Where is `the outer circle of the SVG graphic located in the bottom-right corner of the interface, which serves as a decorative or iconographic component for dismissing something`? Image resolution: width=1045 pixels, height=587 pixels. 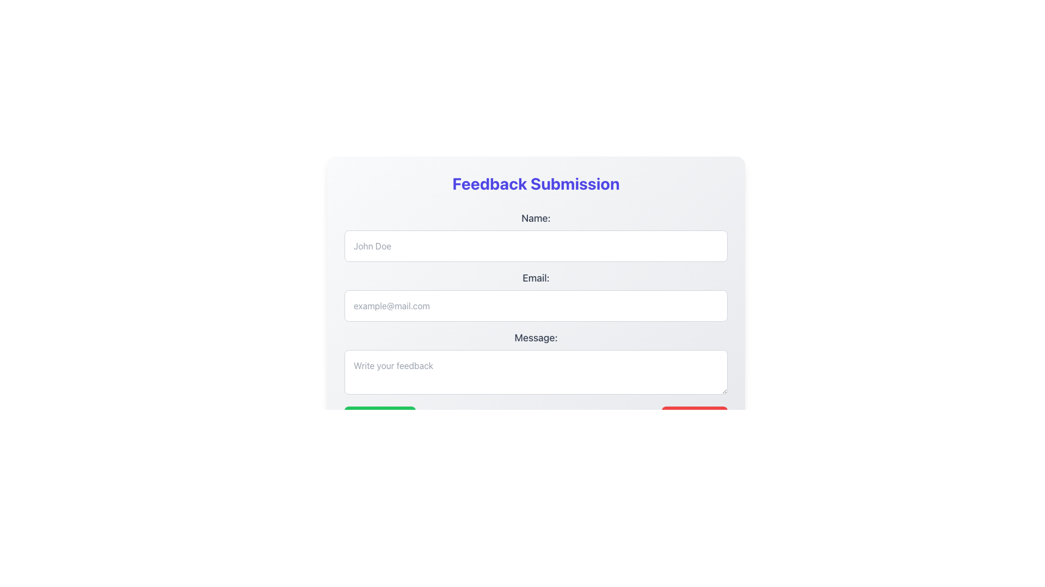 the outer circle of the SVG graphic located in the bottom-right corner of the interface, which serves as a decorative or iconographic component for dismissing something is located at coordinates (680, 416).